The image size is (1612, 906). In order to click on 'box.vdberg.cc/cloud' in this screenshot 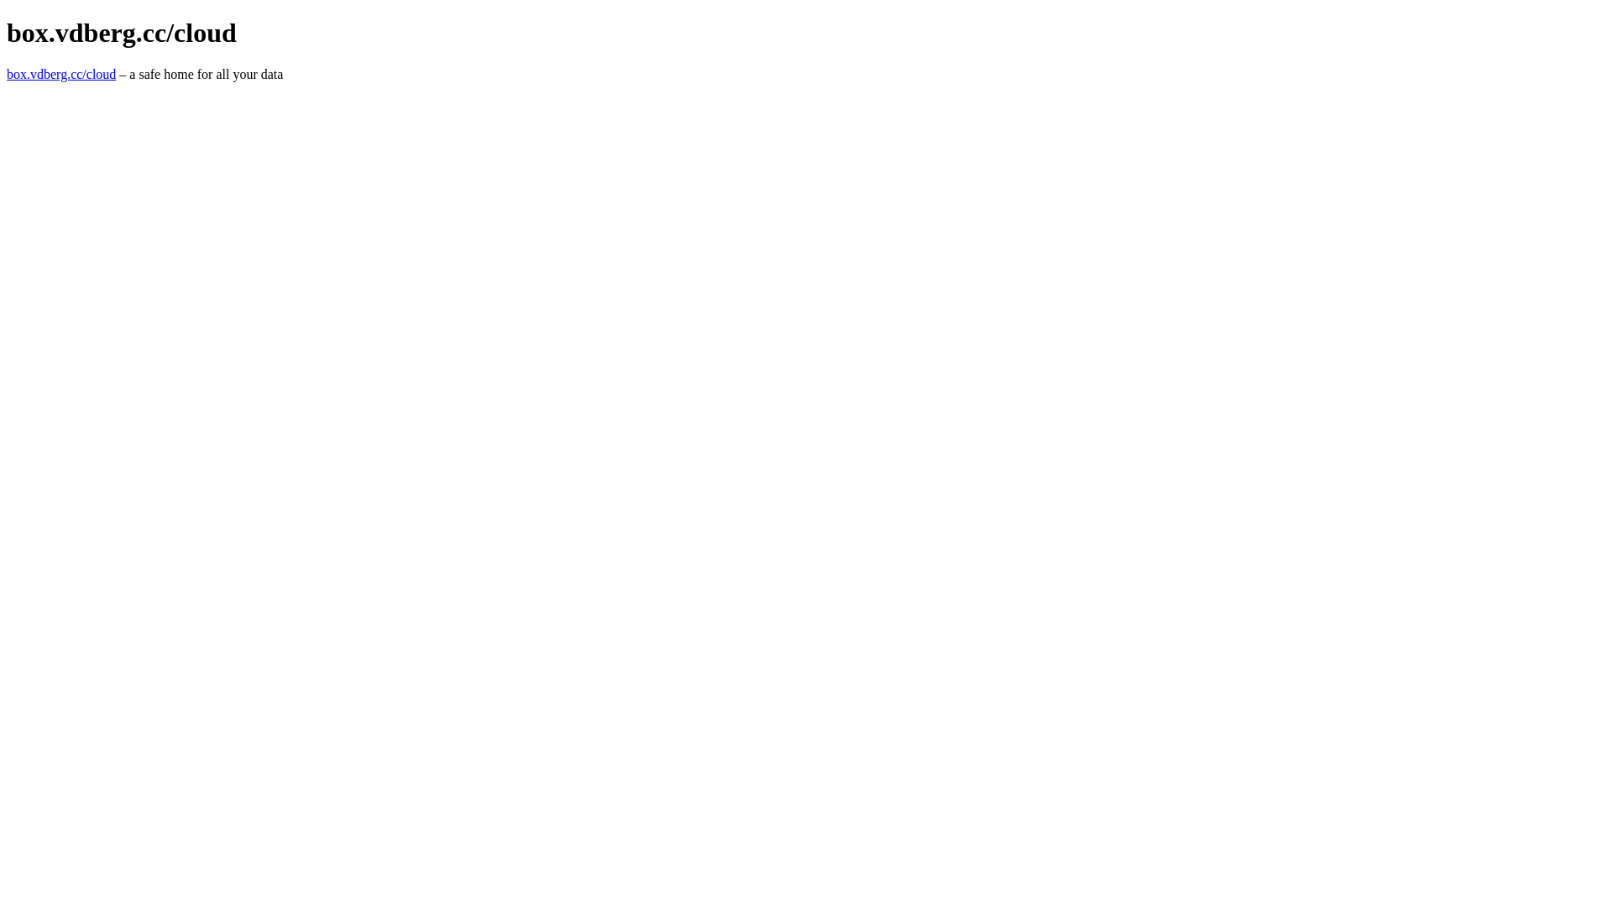, I will do `click(60, 73)`.